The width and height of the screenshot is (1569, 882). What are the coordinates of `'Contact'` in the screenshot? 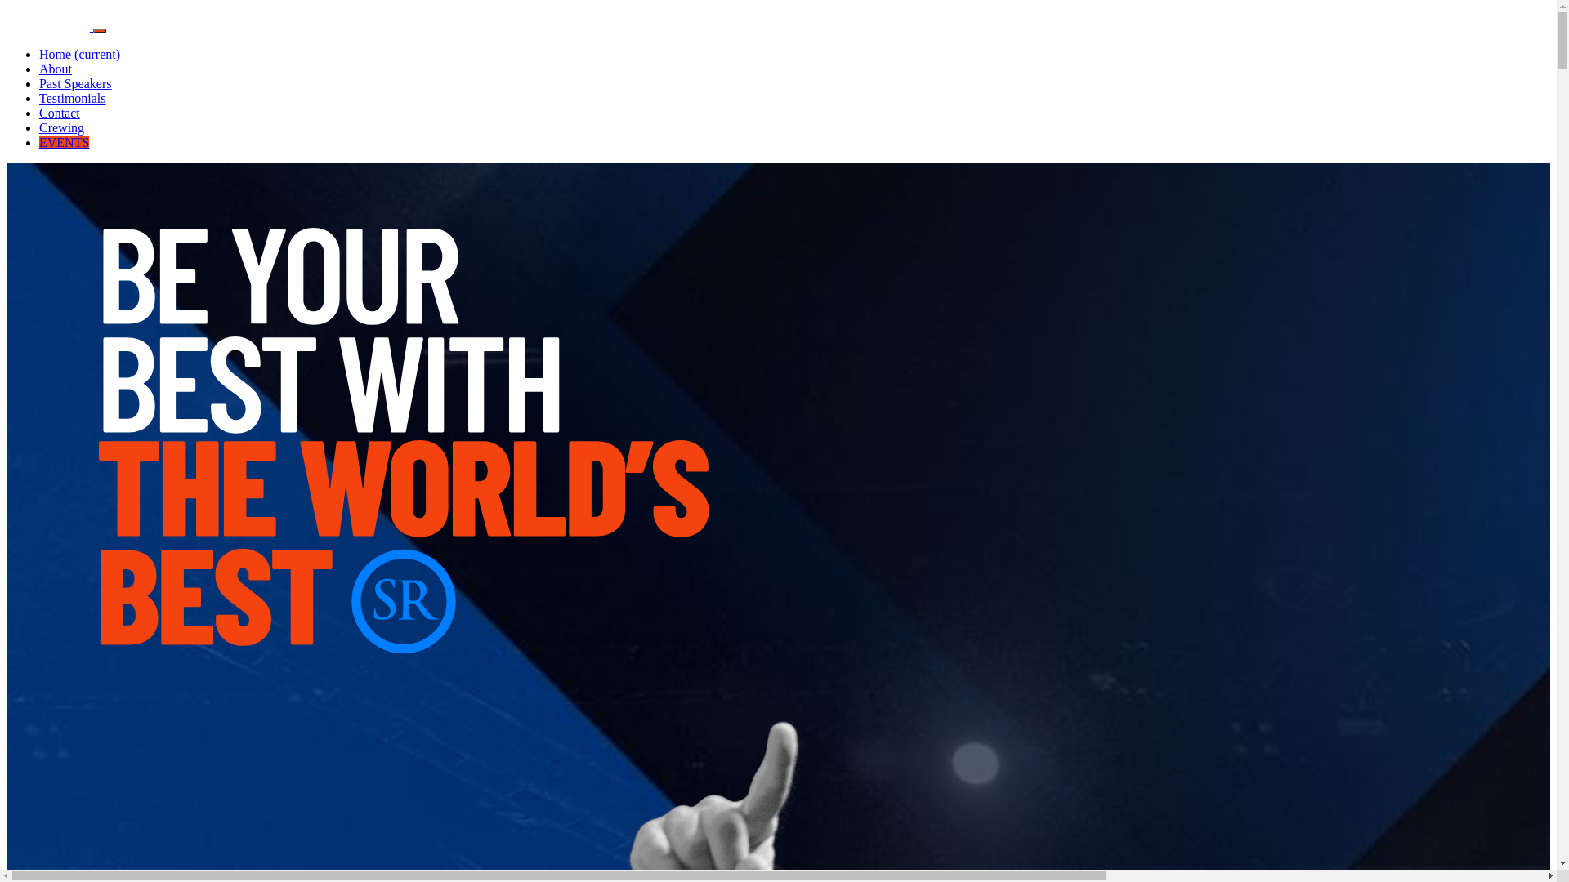 It's located at (59, 112).